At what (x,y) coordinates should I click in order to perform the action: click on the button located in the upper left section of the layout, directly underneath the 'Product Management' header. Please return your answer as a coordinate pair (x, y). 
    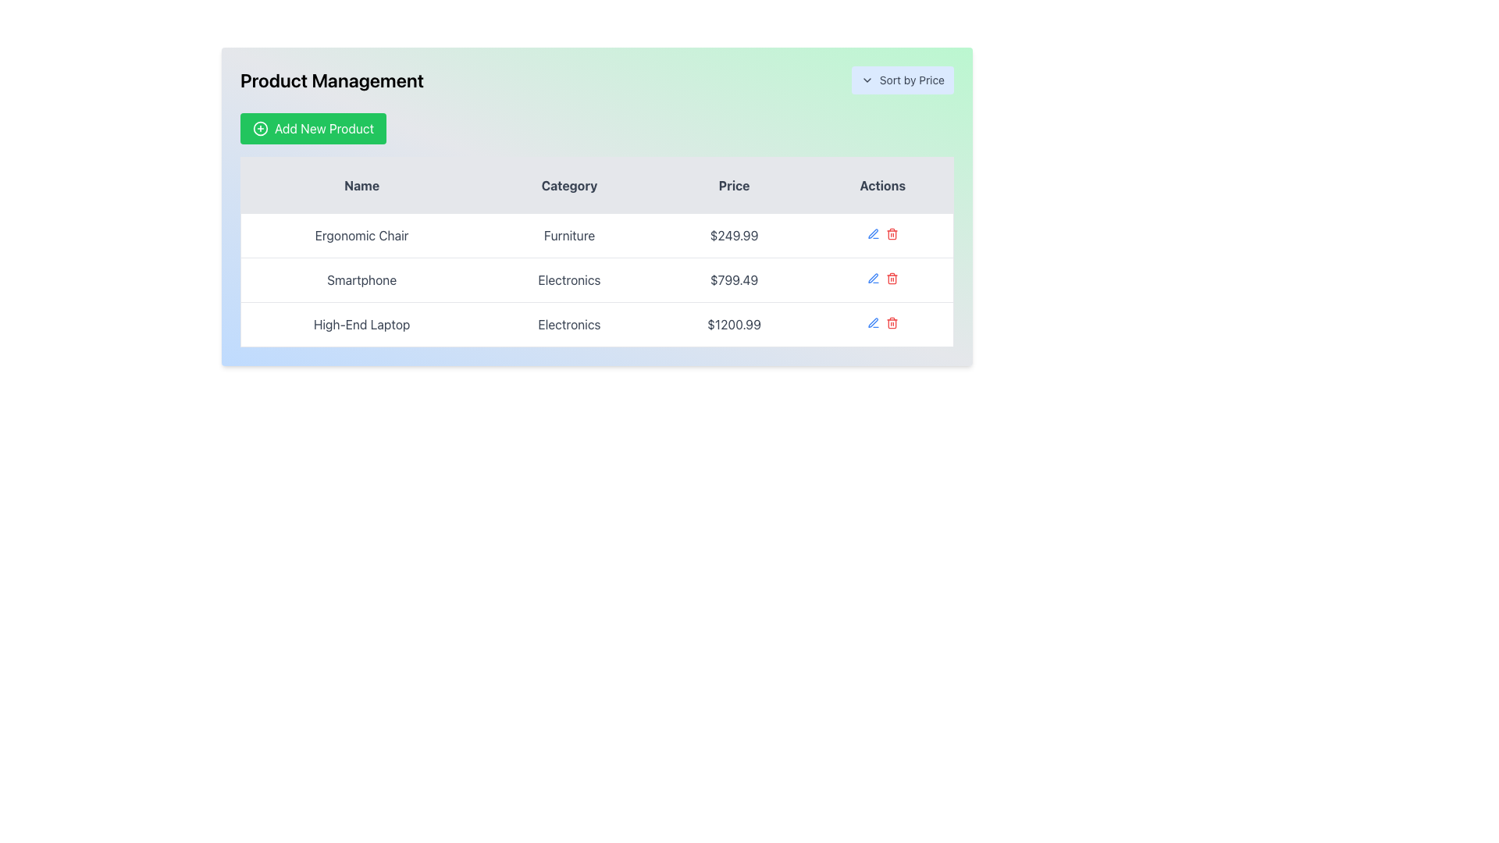
    Looking at the image, I should click on (312, 128).